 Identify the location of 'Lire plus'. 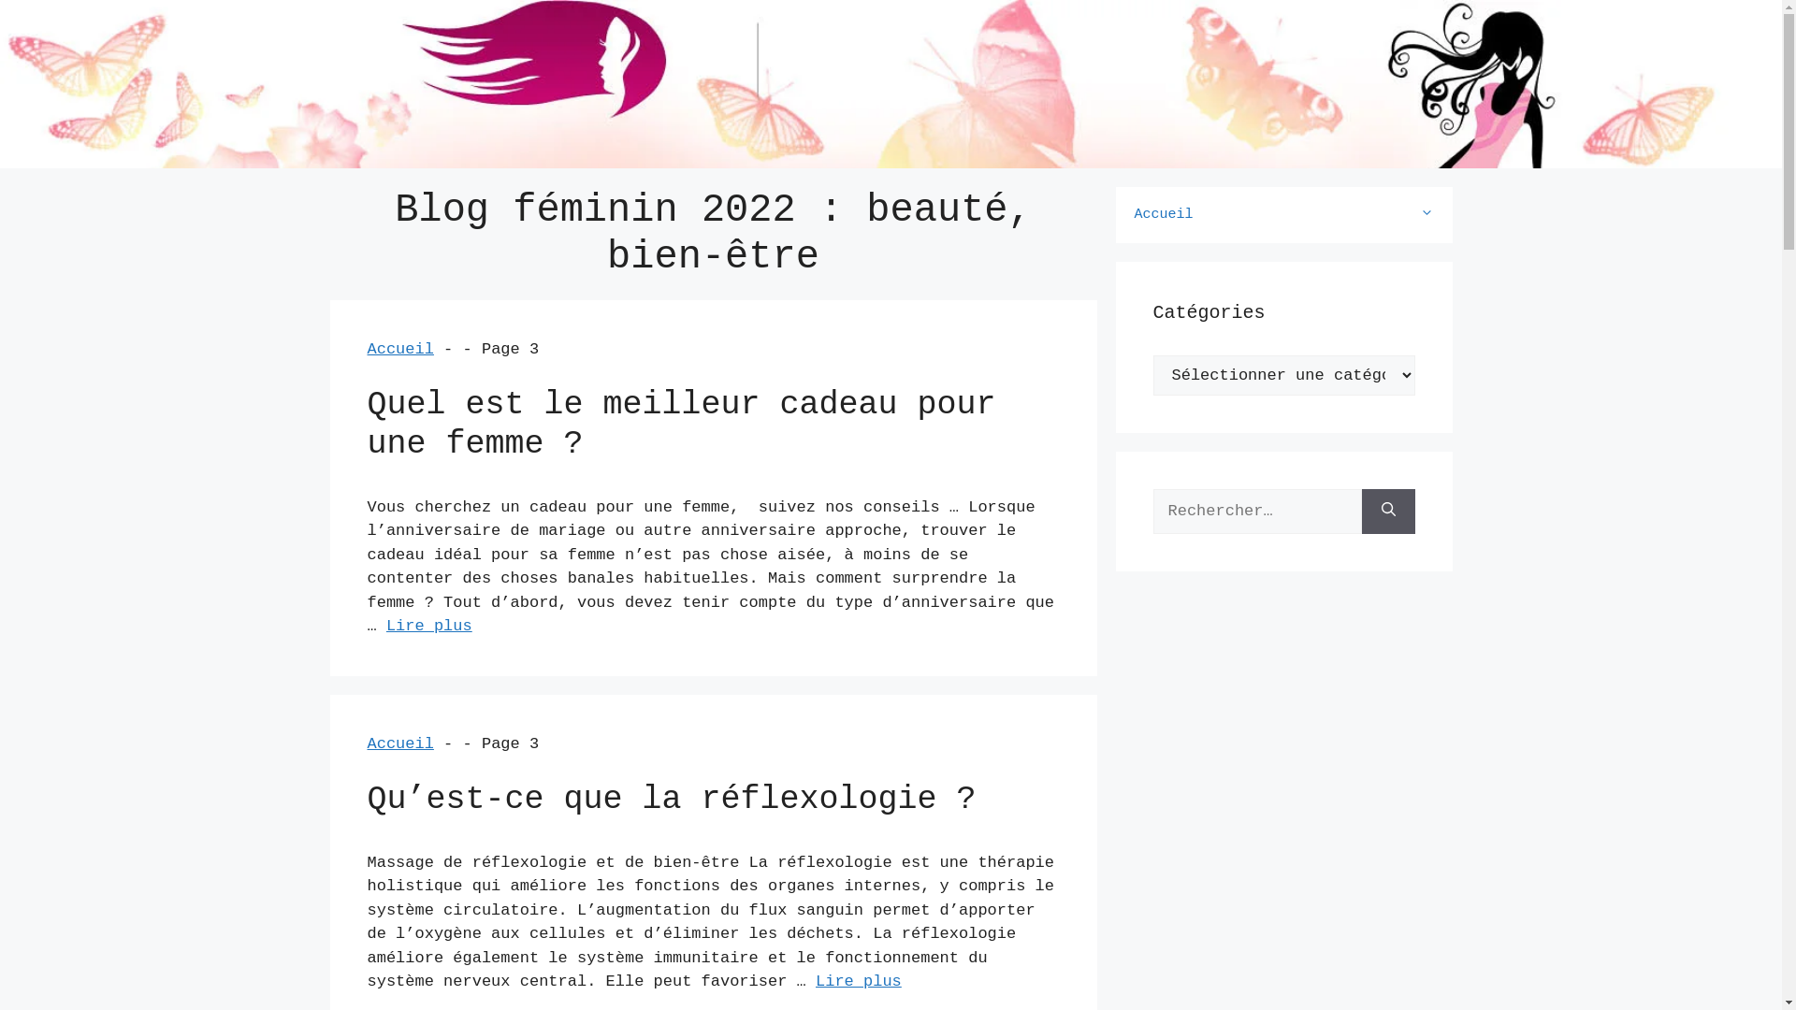
(816, 980).